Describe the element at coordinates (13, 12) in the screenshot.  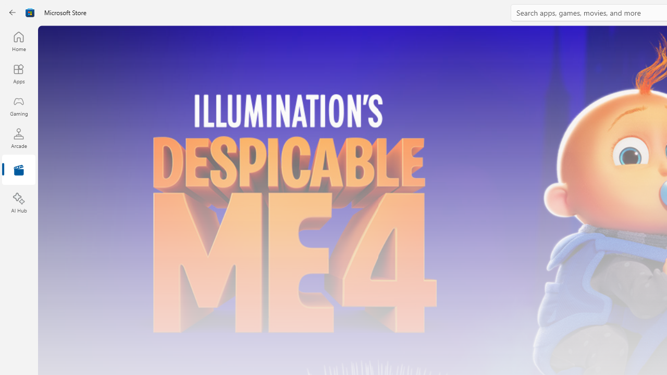
I see `'Back'` at that location.